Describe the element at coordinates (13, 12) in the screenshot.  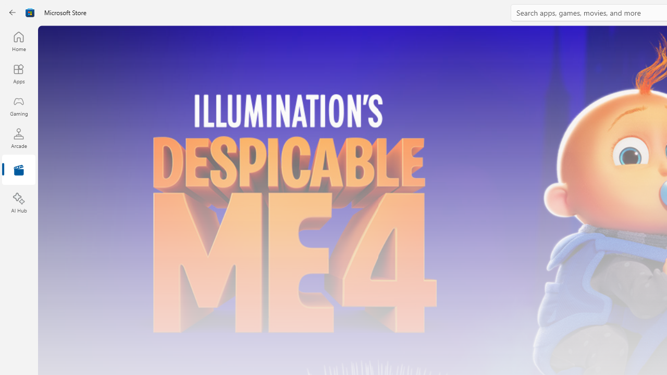
I see `'Back'` at that location.